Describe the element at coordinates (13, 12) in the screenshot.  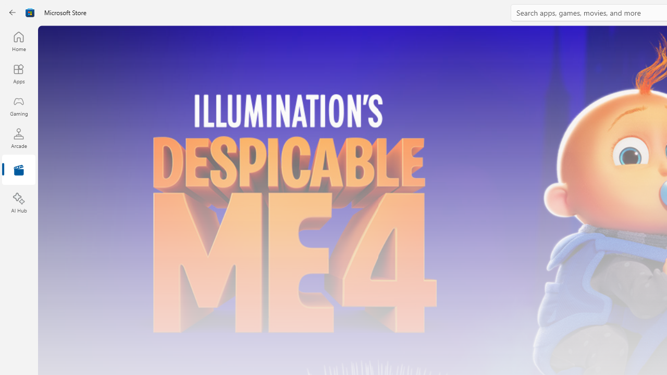
I see `'Back'` at that location.